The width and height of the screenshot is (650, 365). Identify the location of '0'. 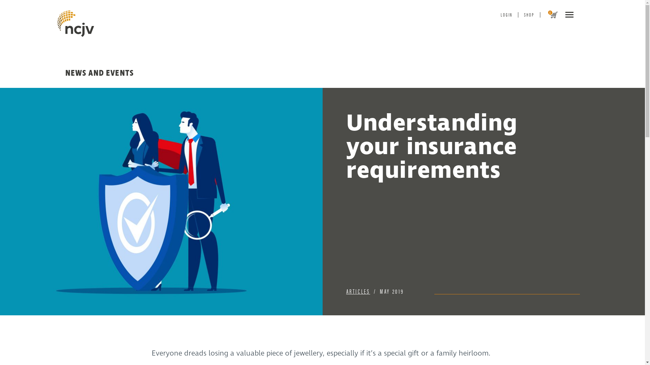
(549, 14).